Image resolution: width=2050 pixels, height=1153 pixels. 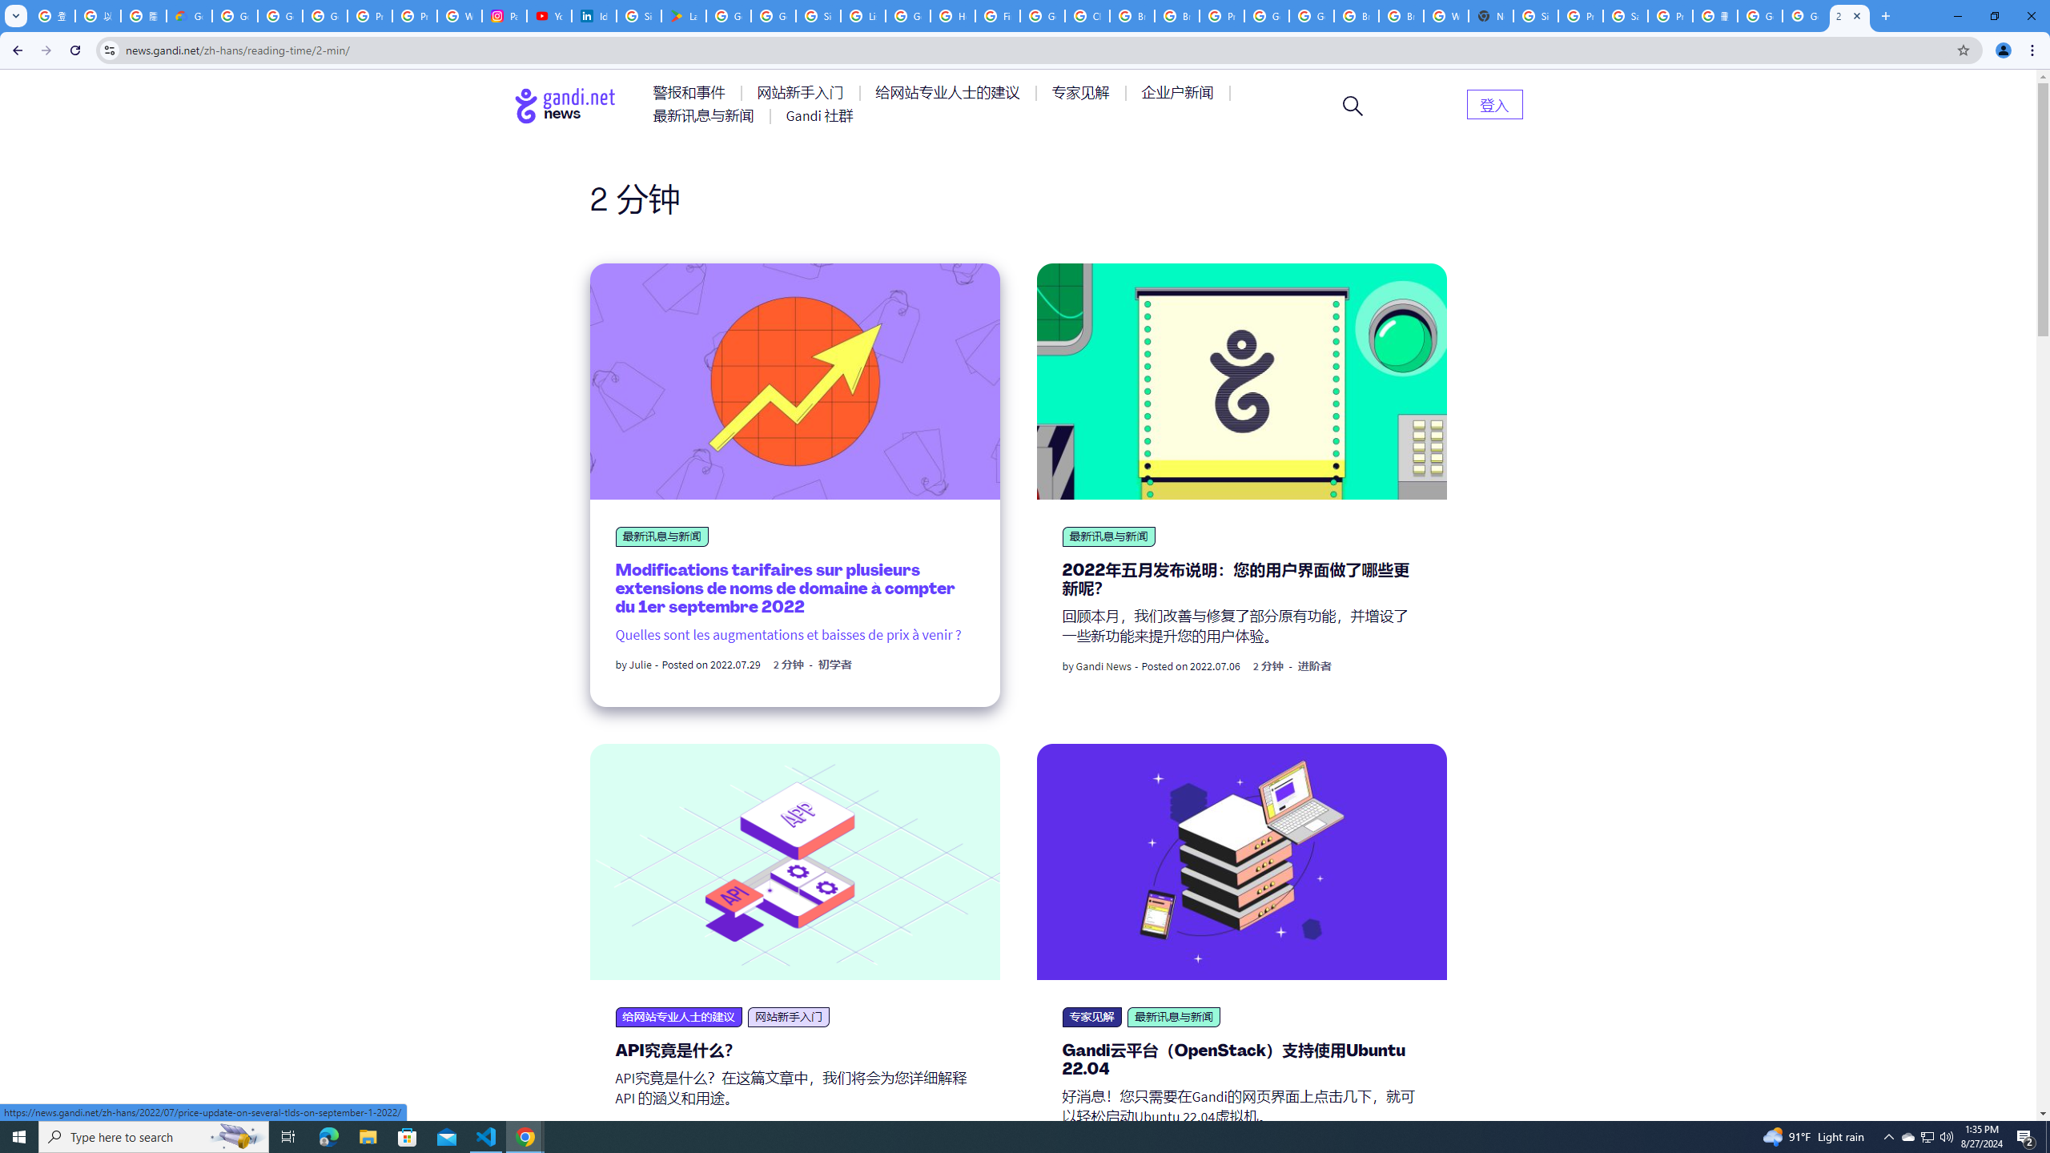 What do you see at coordinates (1103, 666) in the screenshot?
I see `'Gandi News'` at bounding box center [1103, 666].